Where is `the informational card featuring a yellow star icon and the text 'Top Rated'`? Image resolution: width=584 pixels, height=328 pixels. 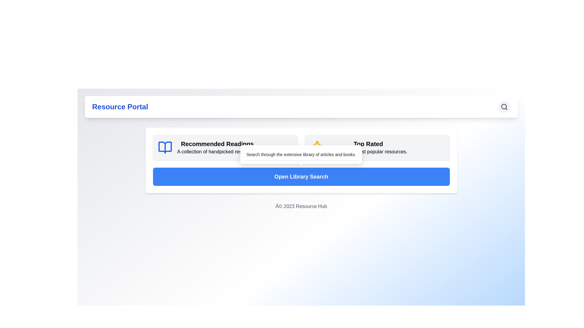 the informational card featuring a yellow star icon and the text 'Top Rated' is located at coordinates (377, 148).